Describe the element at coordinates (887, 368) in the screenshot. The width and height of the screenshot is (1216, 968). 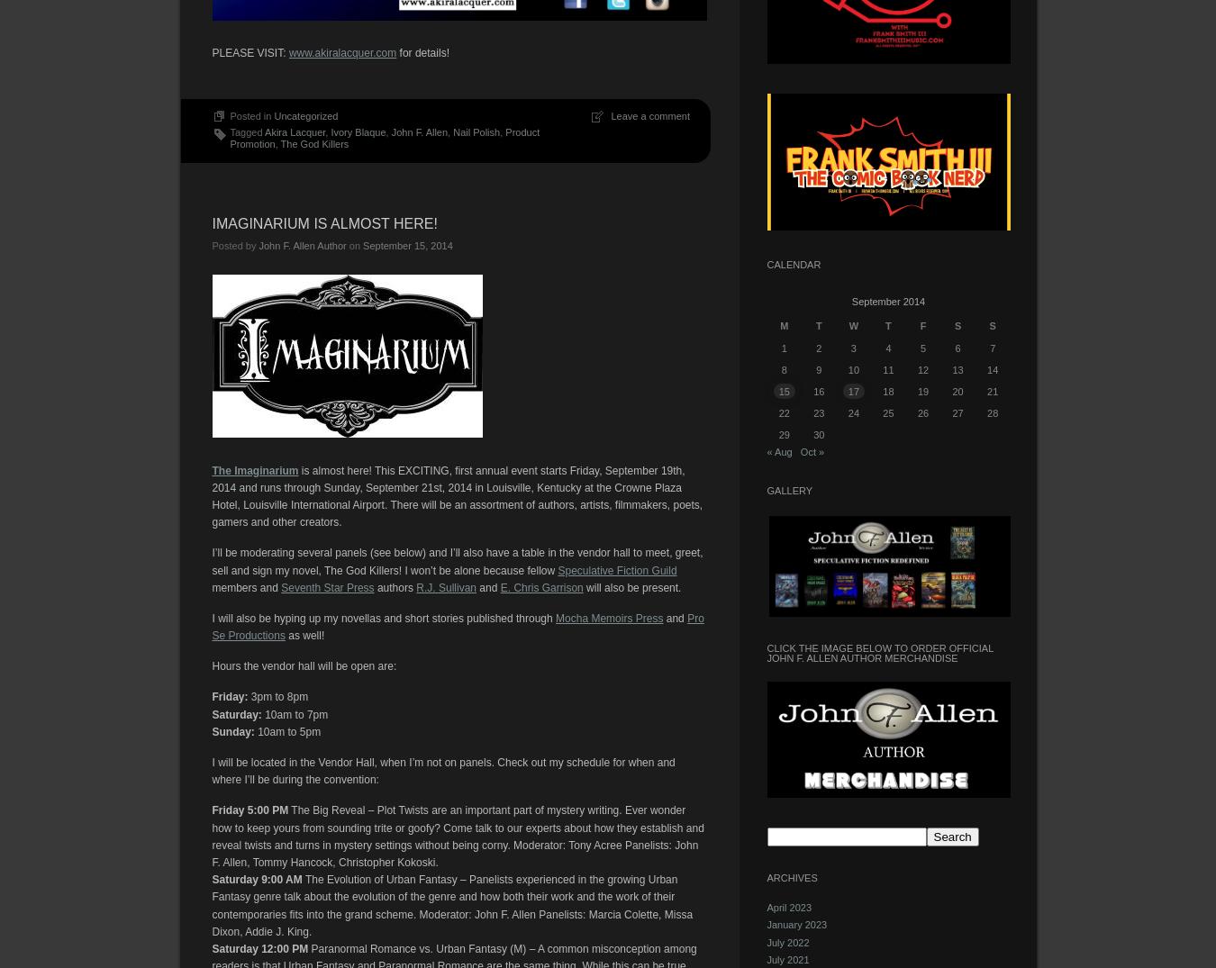
I see `'11'` at that location.